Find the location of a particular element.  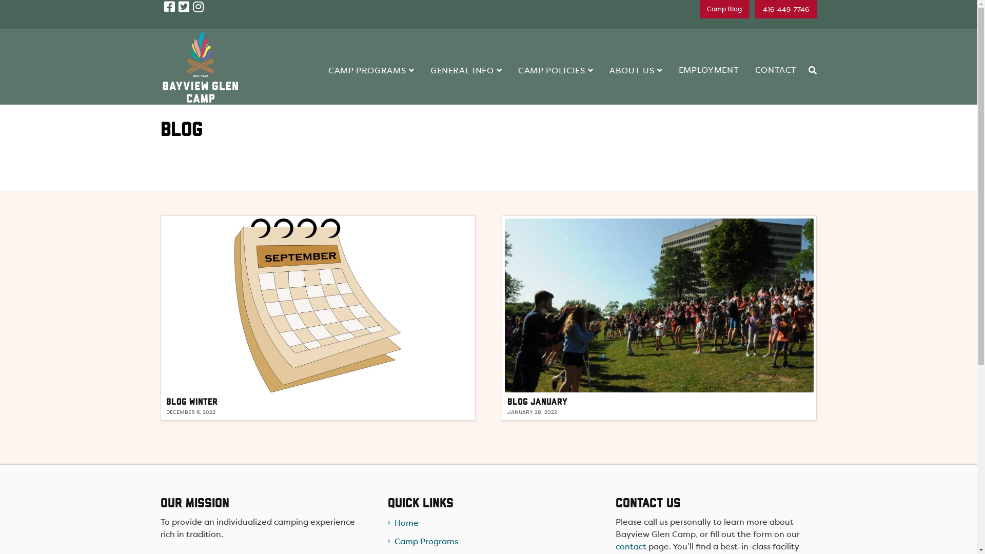

'CONTACT' is located at coordinates (776, 51).